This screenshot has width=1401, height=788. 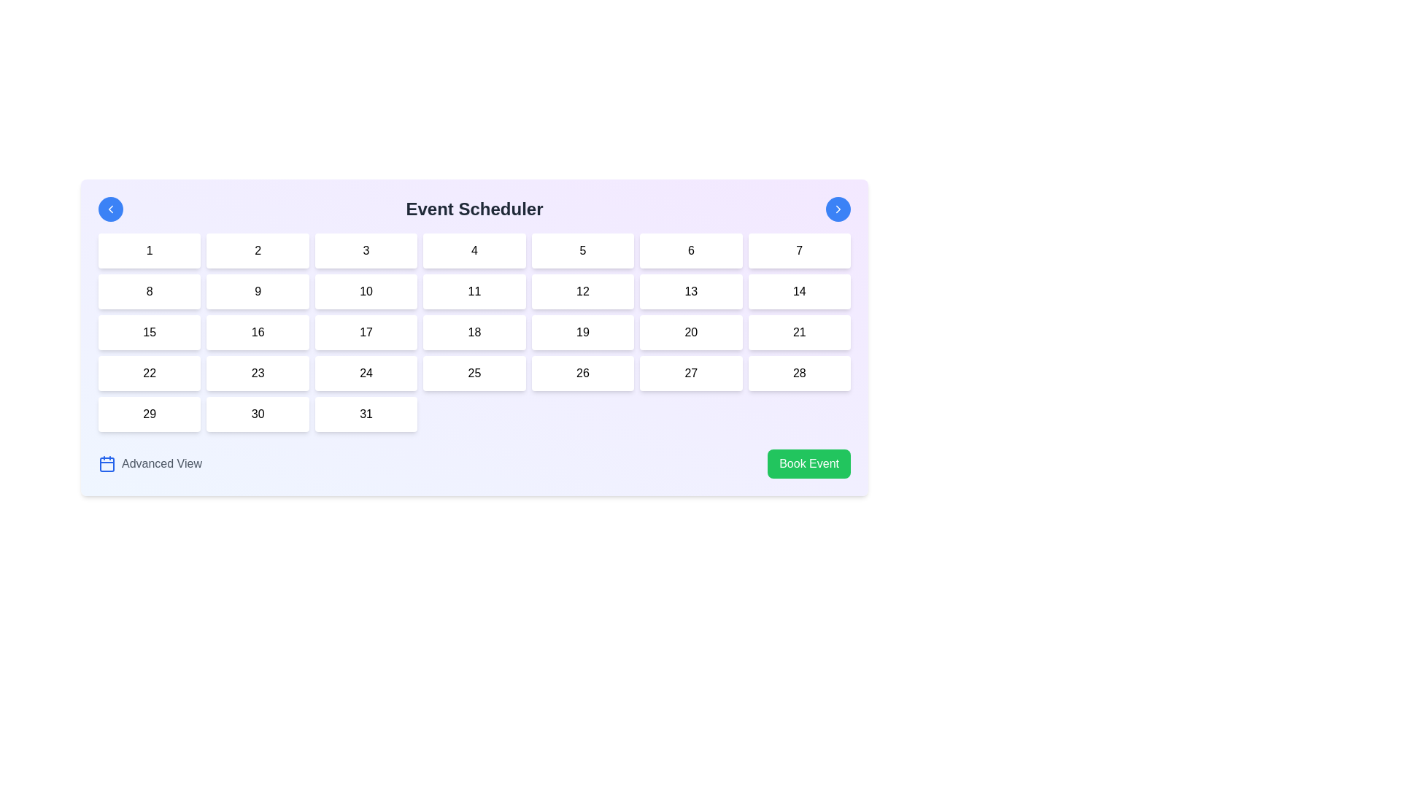 What do you see at coordinates (366, 332) in the screenshot?
I see `the selectable day button in the calendar interface located in the fourth row and third column` at bounding box center [366, 332].